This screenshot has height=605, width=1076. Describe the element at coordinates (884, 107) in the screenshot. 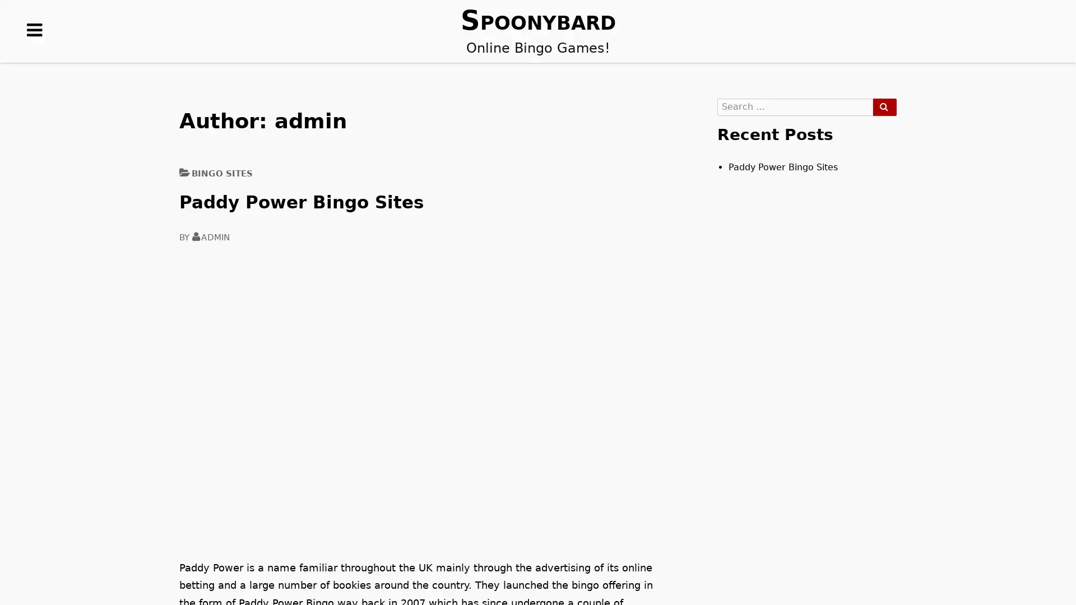

I see `SEARCH` at that location.